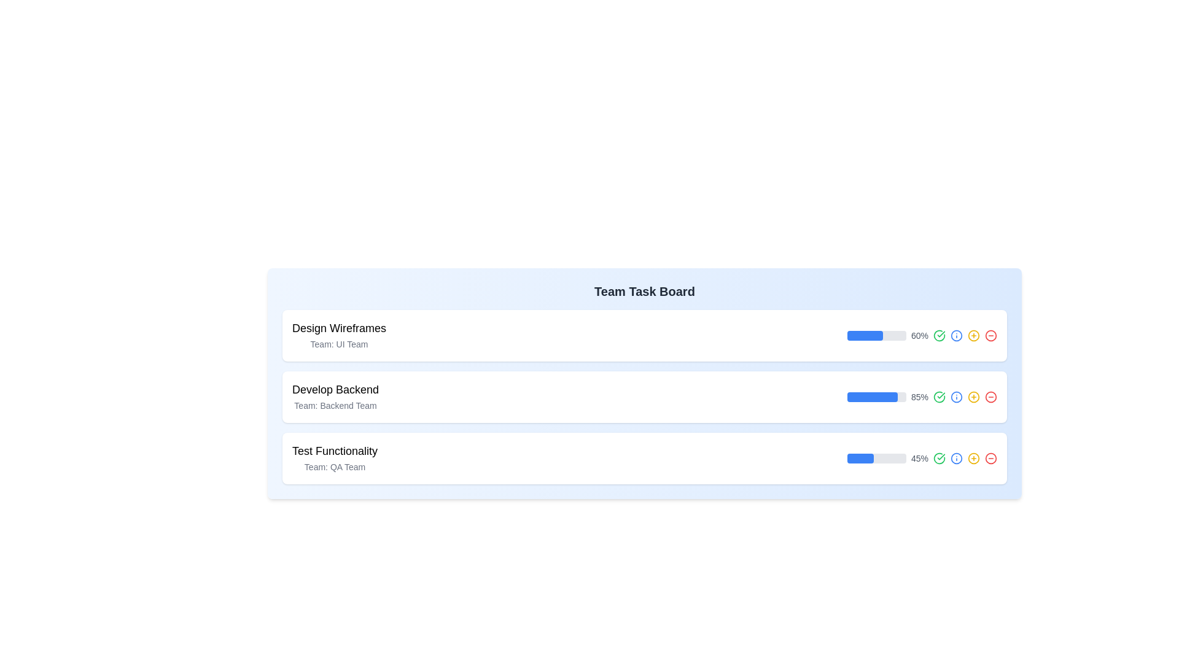 Image resolution: width=1179 pixels, height=663 pixels. Describe the element at coordinates (876, 459) in the screenshot. I see `the horizontal progress bar located in the third task row of the team task board interface, which has a rounded gray background and a partially filled blue segment indicating 45%` at that location.